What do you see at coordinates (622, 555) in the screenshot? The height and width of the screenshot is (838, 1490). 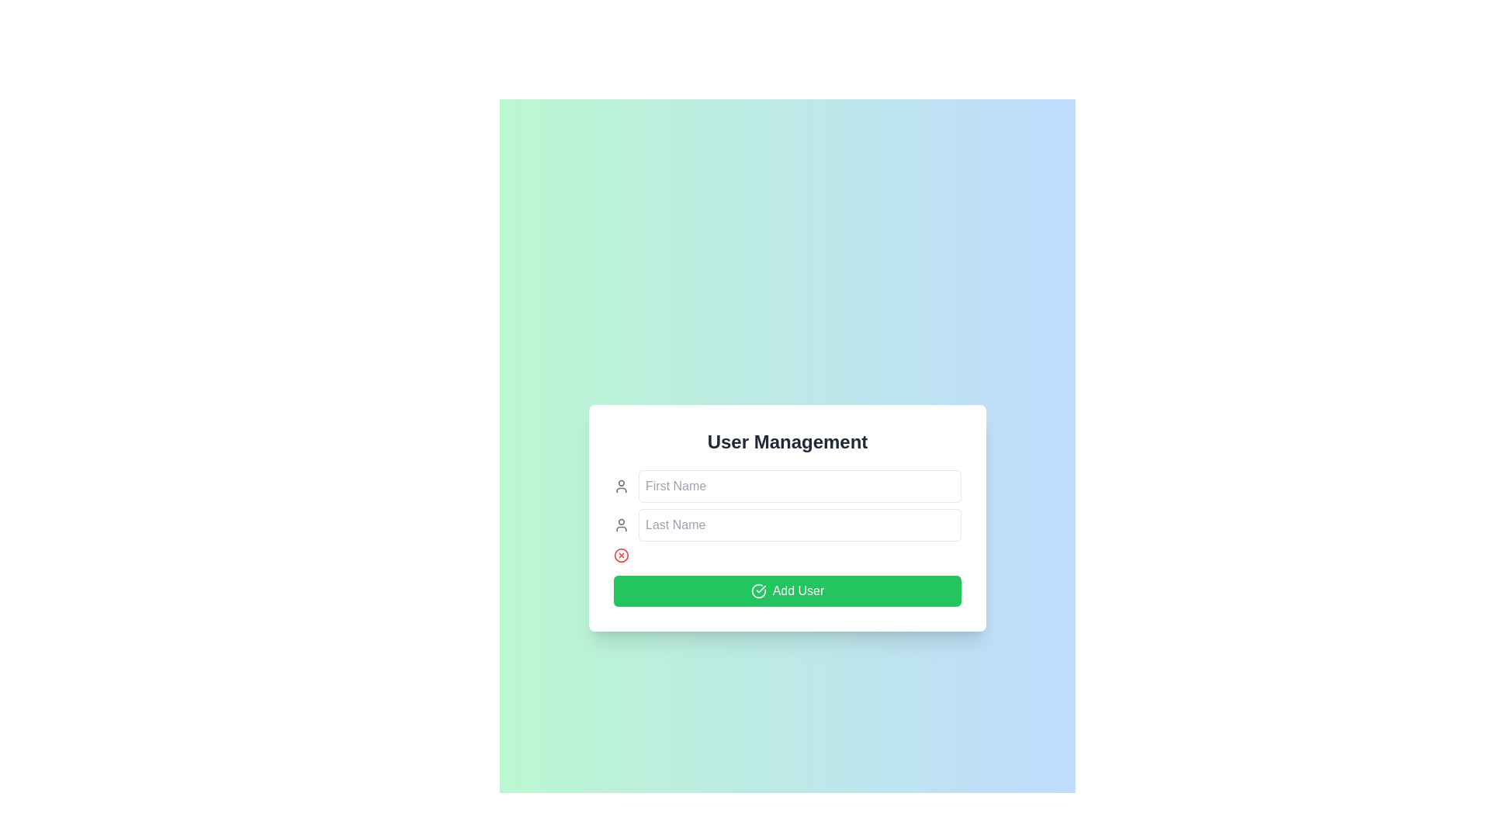 I see `the red circular button with a white cross symbol to observe the hover effect, which changes the text color from red to a darker red` at bounding box center [622, 555].